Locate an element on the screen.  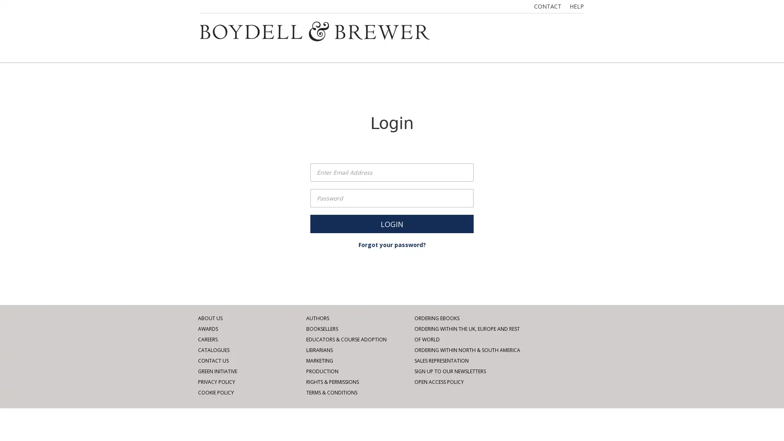
LOGIN is located at coordinates (392, 224).